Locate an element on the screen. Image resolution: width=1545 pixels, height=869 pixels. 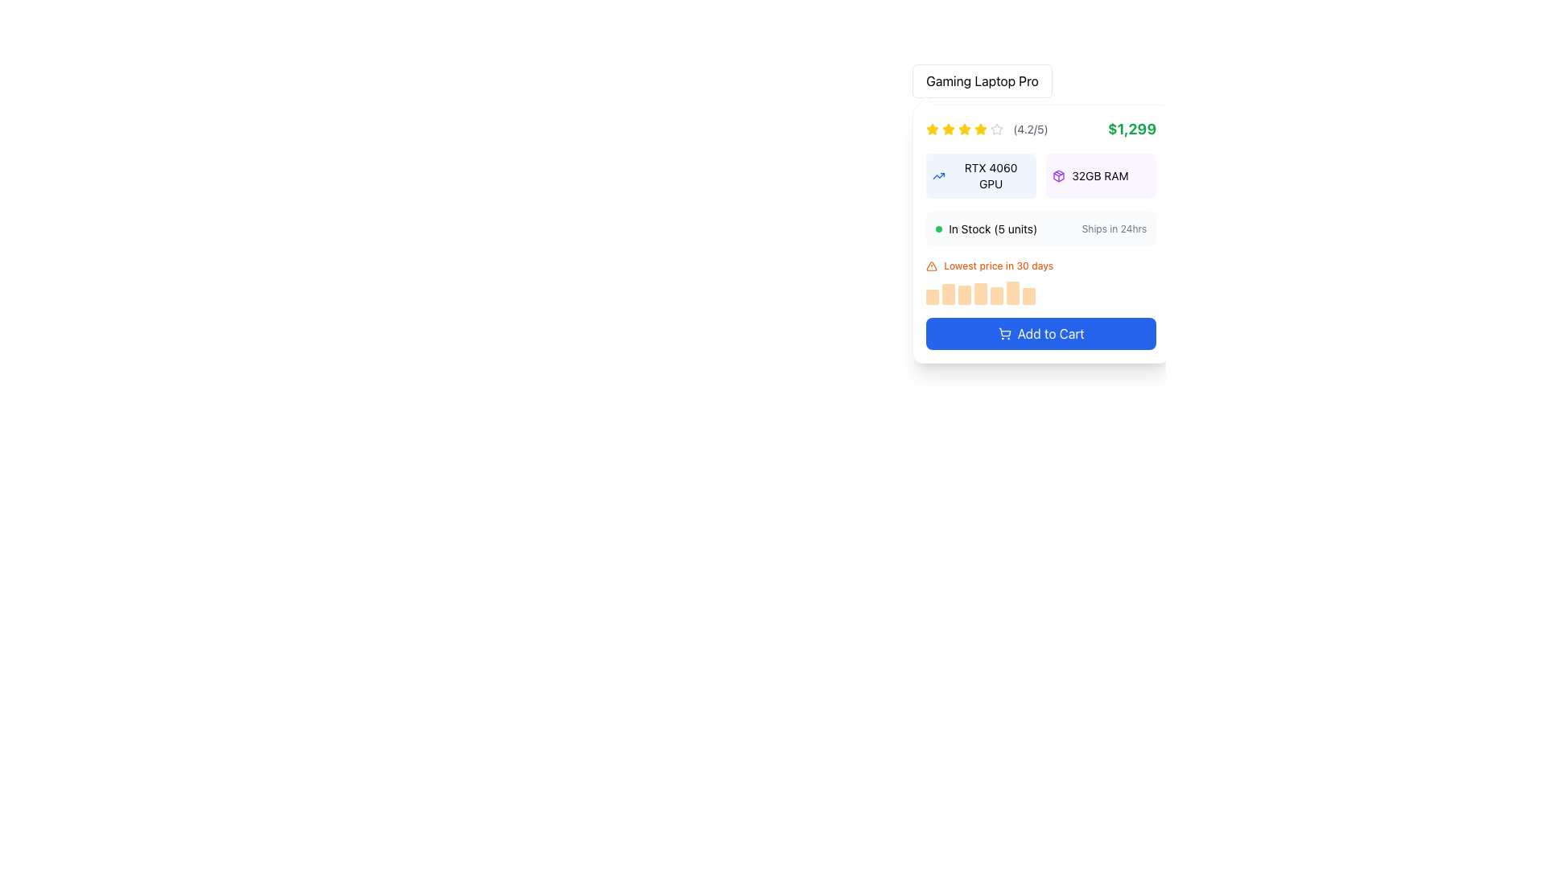
the Rating and price information display located below the title 'Gaming Laptop Pro', which shows user ratings and product pricing is located at coordinates (1041, 129).